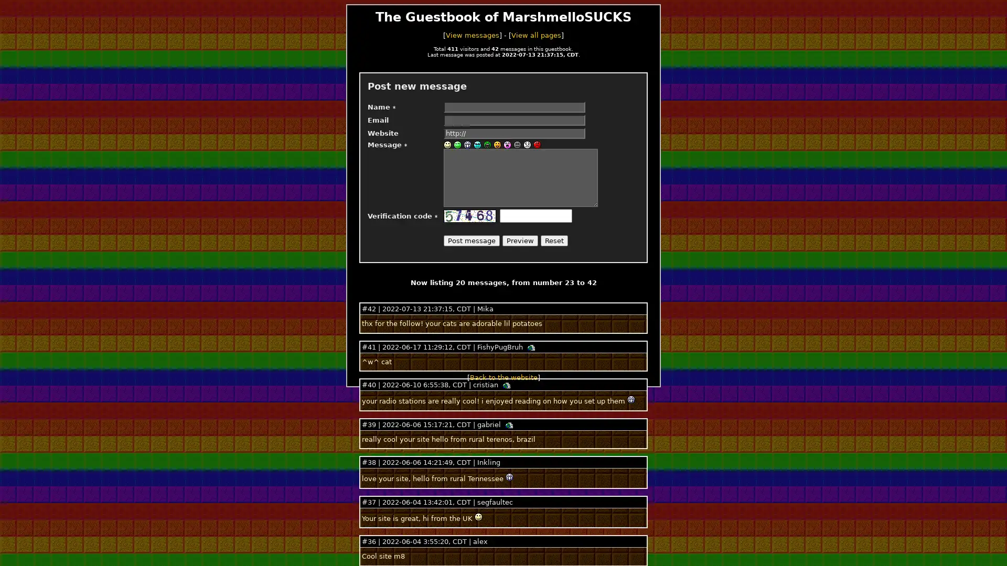  Describe the element at coordinates (520, 241) in the screenshot. I see `Preview` at that location.